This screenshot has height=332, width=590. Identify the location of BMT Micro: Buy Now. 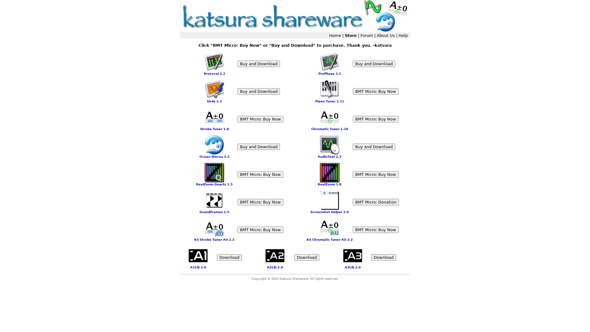
(260, 230).